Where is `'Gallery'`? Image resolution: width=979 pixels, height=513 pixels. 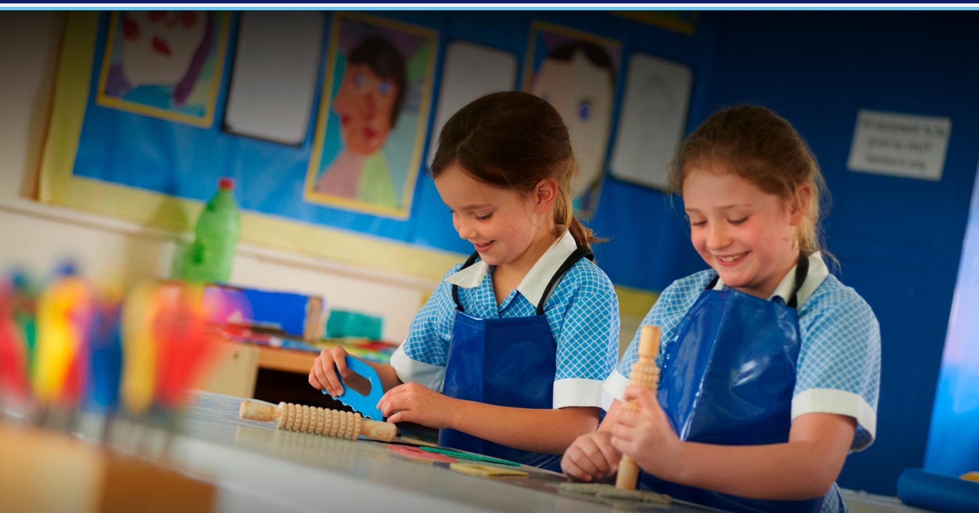 'Gallery' is located at coordinates (769, 130).